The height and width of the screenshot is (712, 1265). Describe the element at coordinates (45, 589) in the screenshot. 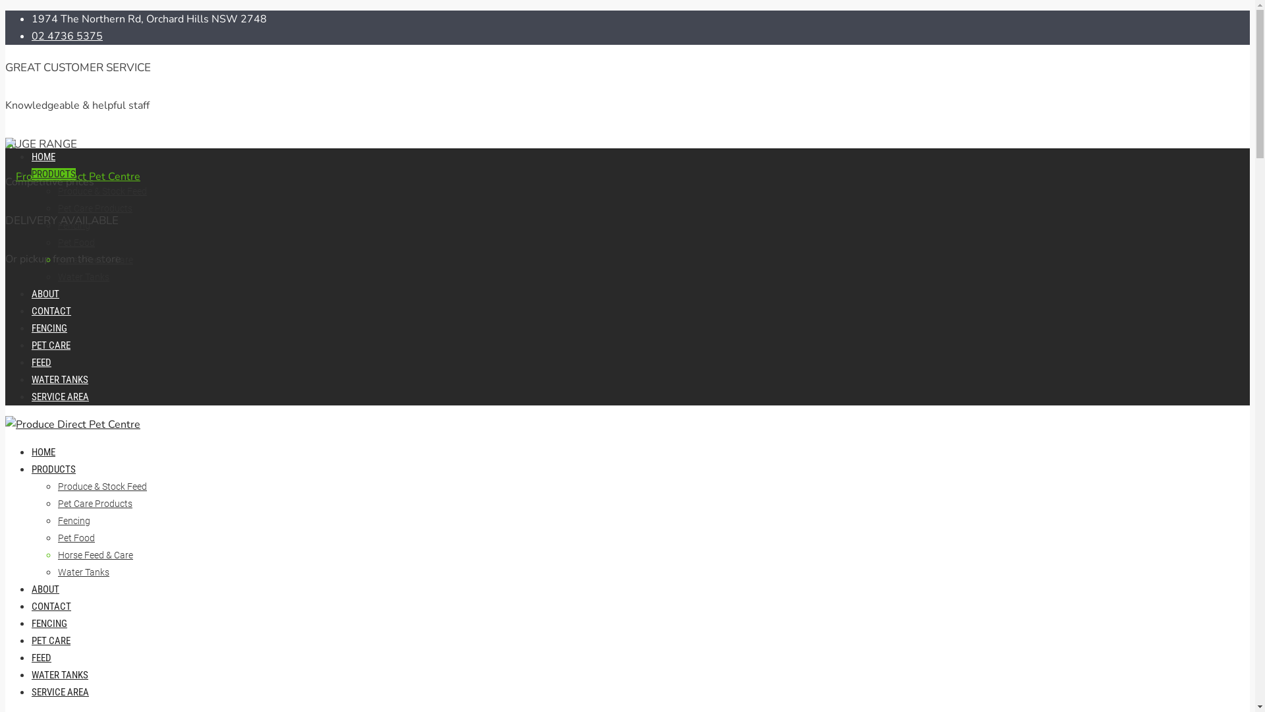

I see `'ABOUT'` at that location.